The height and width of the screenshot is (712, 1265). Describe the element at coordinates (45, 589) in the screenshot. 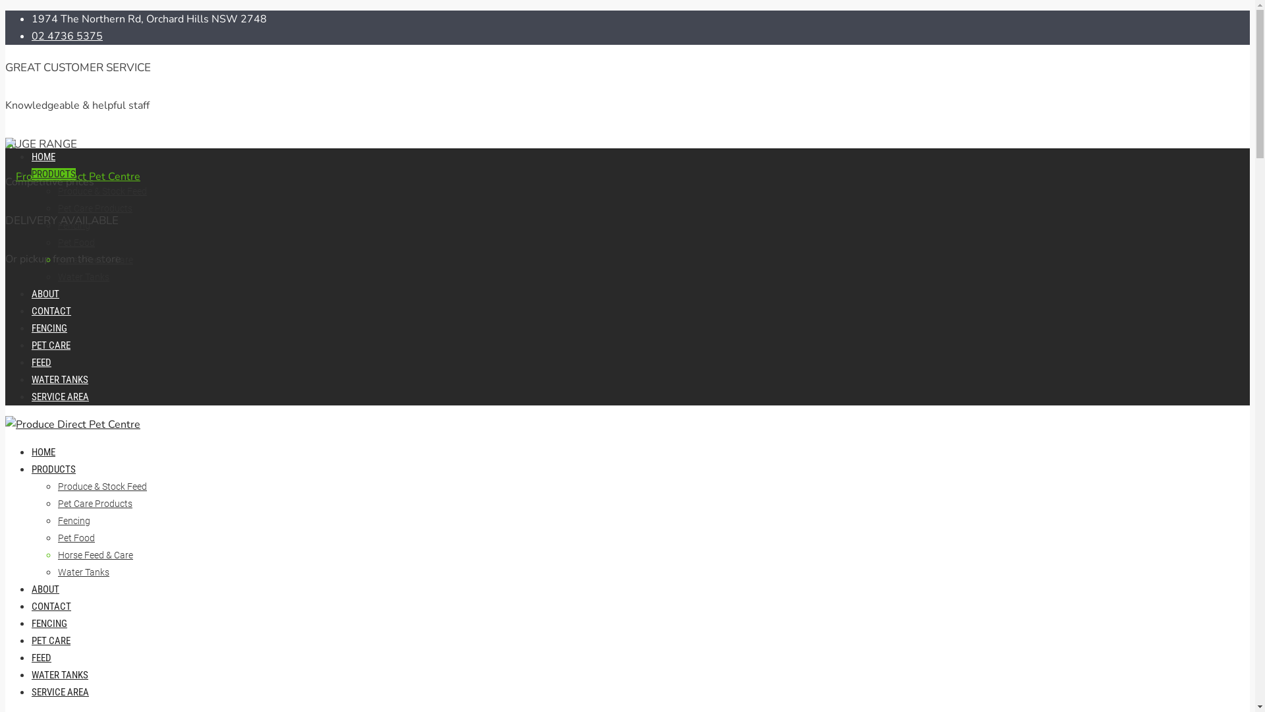

I see `'ABOUT'` at that location.